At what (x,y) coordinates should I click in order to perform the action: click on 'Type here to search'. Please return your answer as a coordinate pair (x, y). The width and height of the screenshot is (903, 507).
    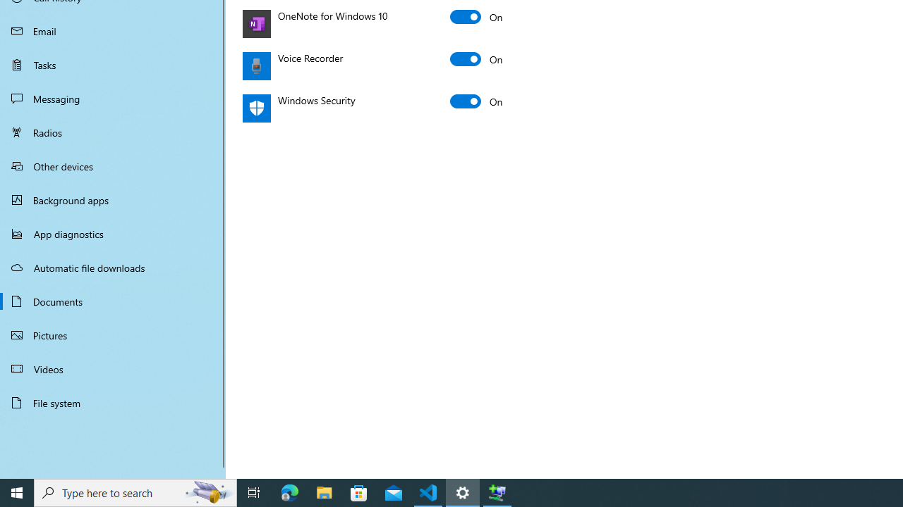
    Looking at the image, I should click on (135, 492).